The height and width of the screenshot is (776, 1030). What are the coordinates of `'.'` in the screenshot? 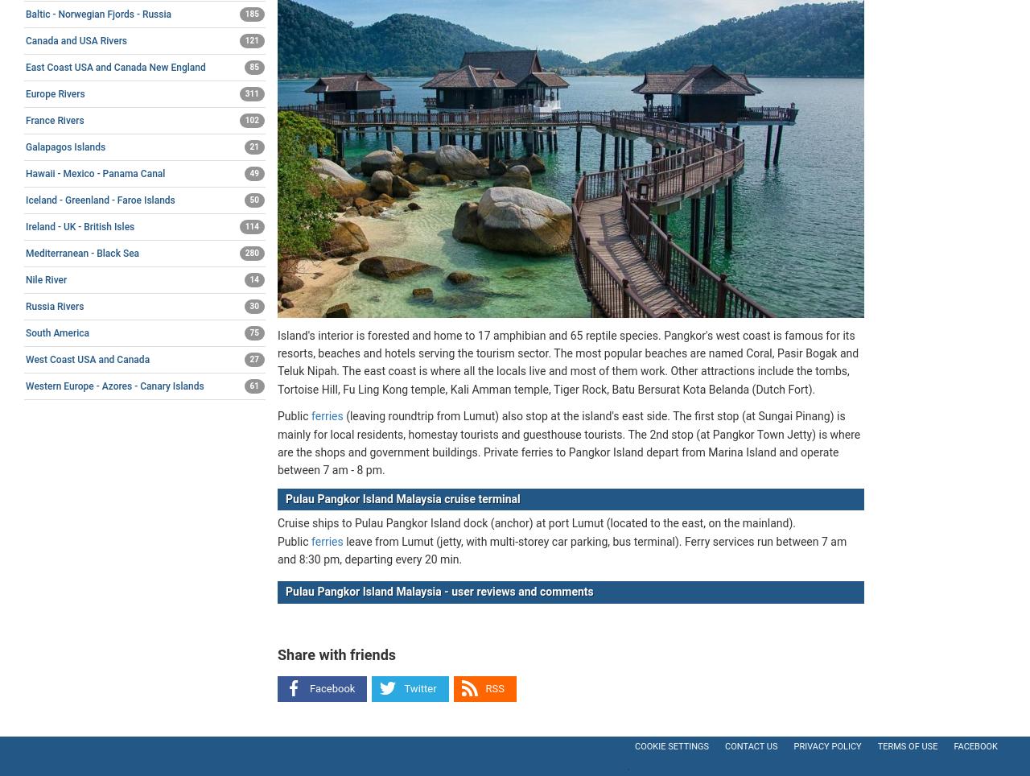 It's located at (627, 766).